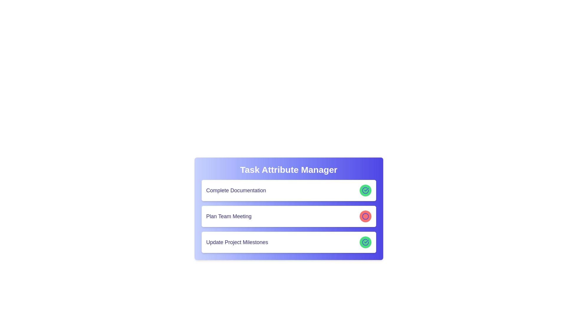  Describe the element at coordinates (237, 242) in the screenshot. I see `the text label displaying 'Update Project Milestones', which is in bold indigo-colored font, centrally located within the last card of a vertically stacked list of task cards` at that location.